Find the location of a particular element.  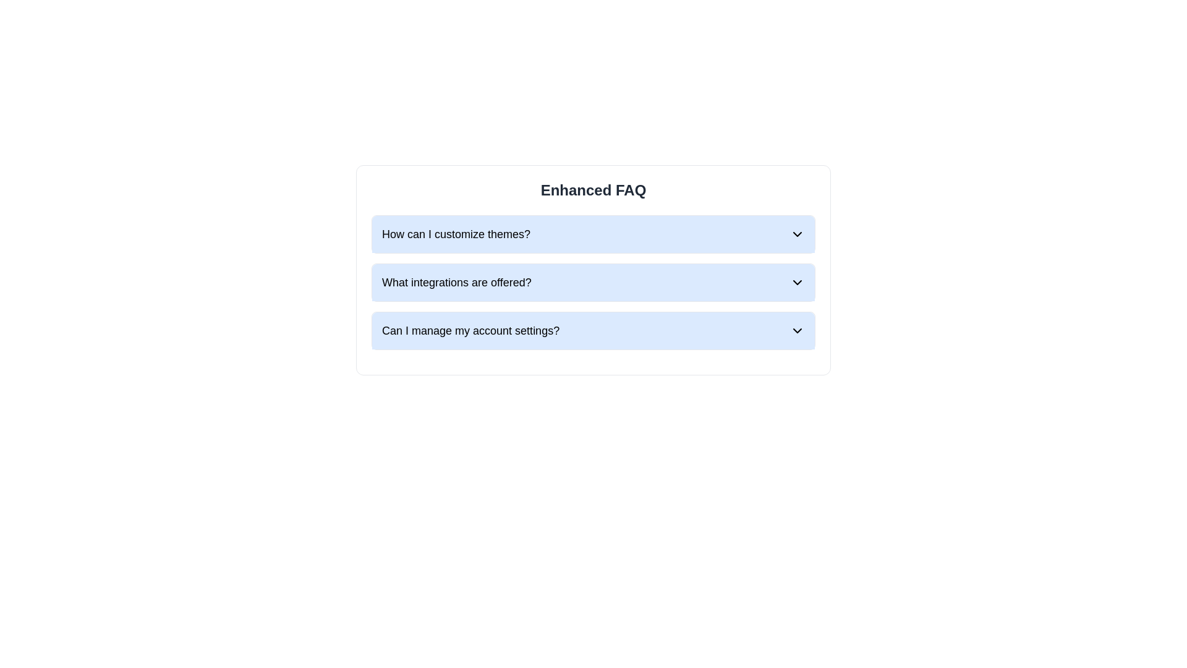

the bold text 'What integrations are offered?' located in the FAQ section, which is displayed in a blue rectangular block is located at coordinates (456, 282).